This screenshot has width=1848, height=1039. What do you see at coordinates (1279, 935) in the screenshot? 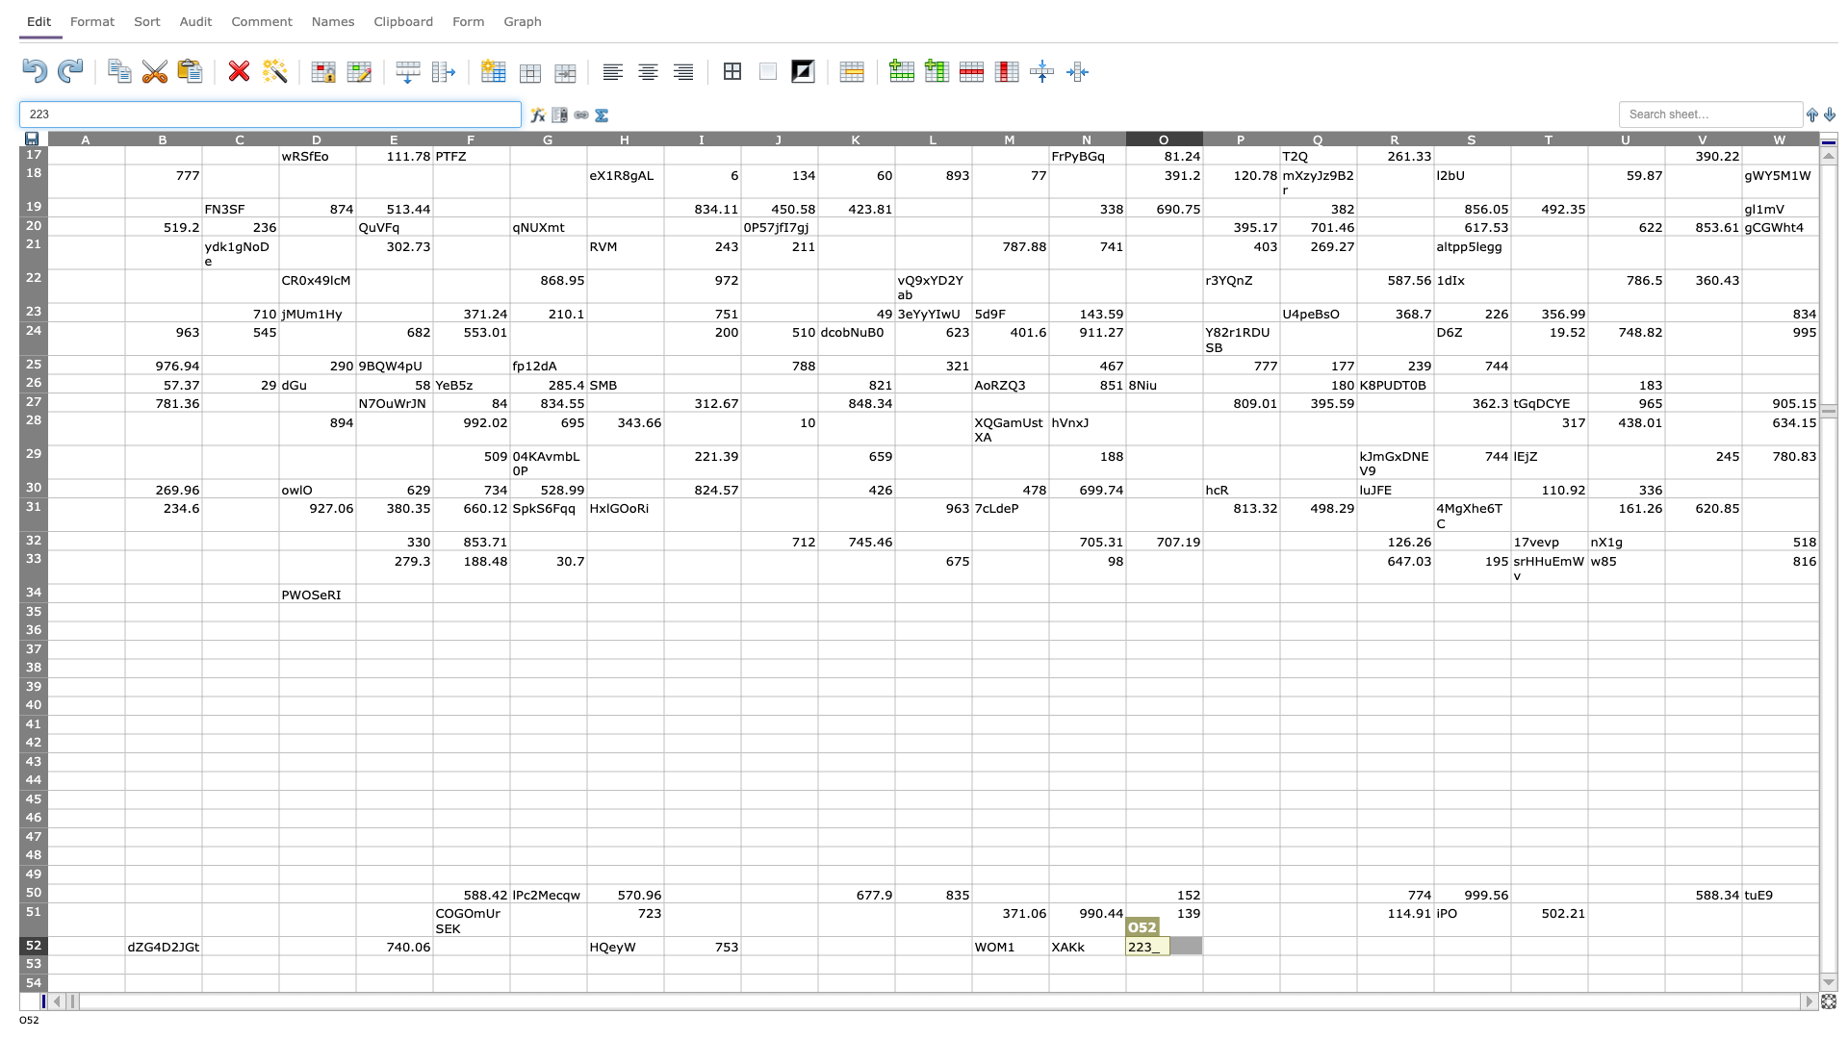
I see `Top left corner of Q-52` at bounding box center [1279, 935].